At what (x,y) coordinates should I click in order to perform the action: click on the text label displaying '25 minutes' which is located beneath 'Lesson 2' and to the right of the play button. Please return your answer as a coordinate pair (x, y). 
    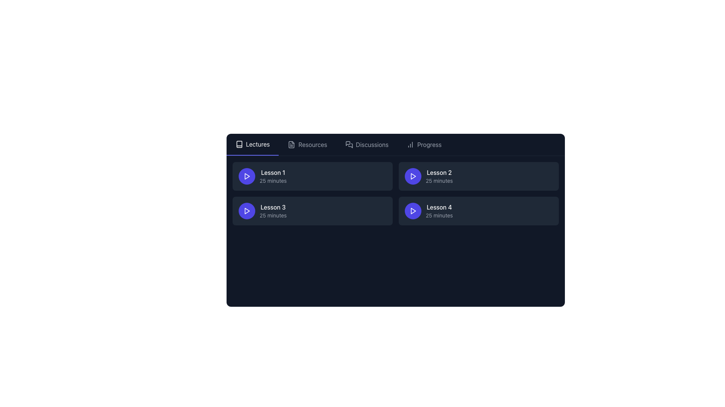
    Looking at the image, I should click on (439, 181).